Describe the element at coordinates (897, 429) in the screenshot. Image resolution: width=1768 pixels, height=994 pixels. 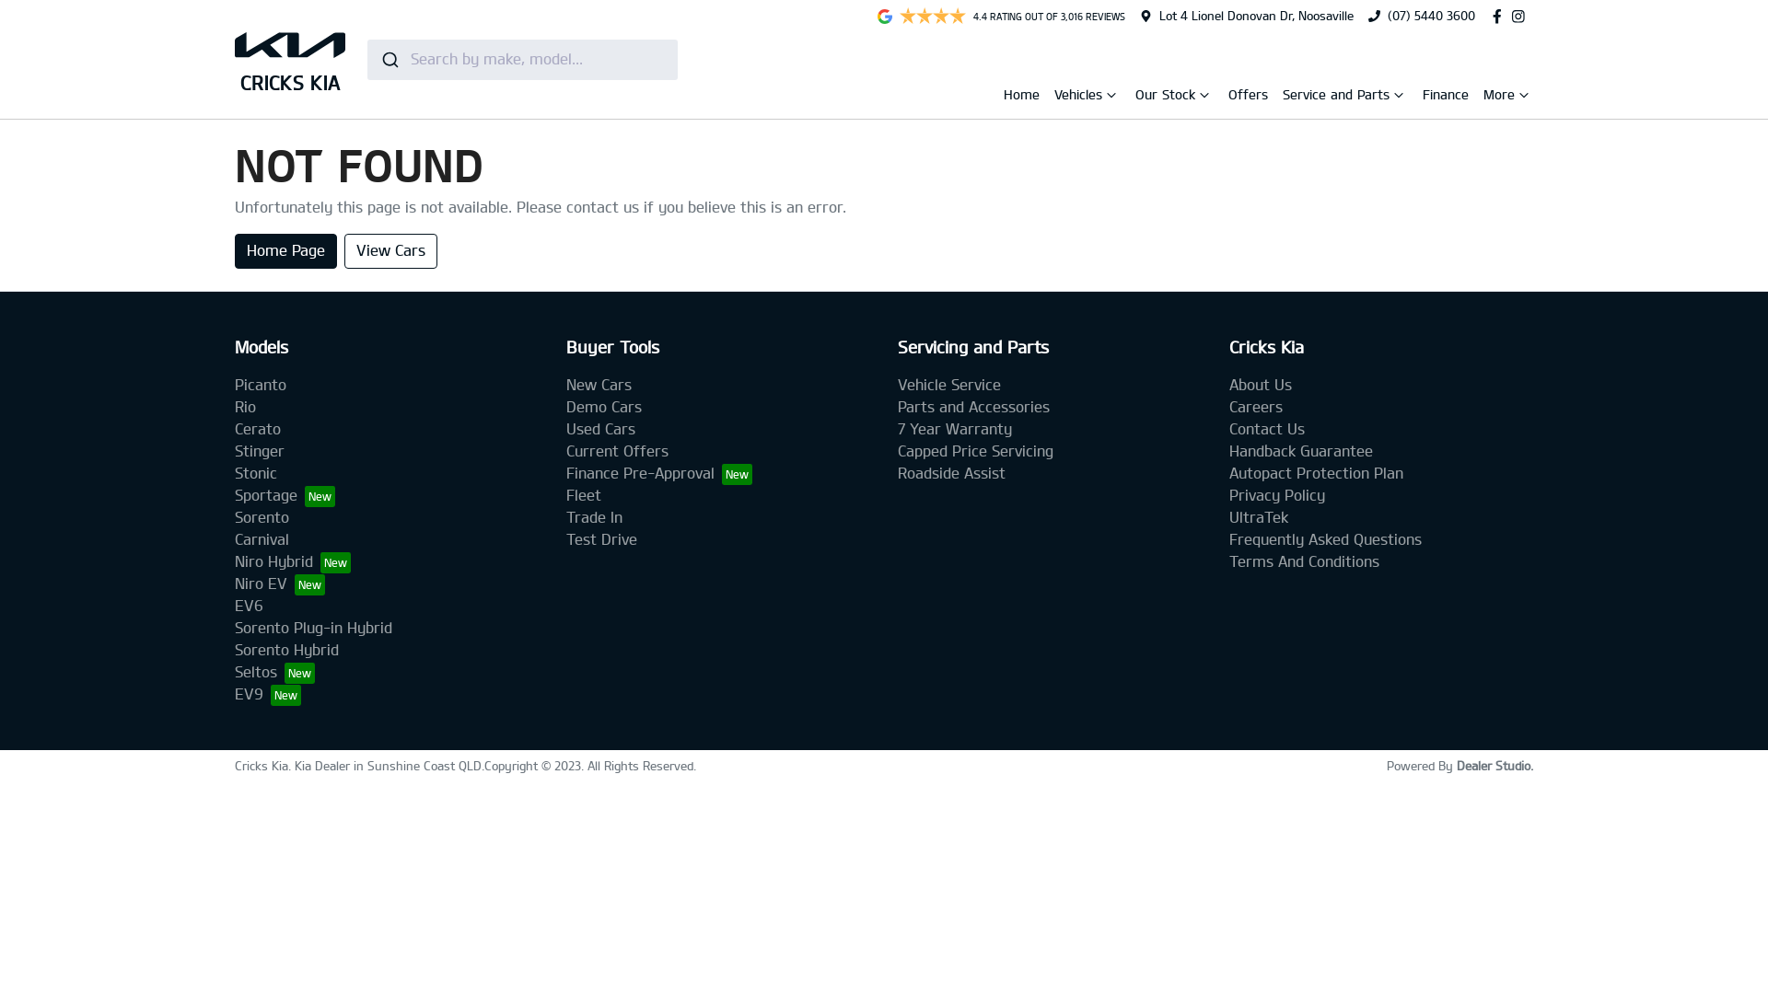
I see `'7 Year Warranty'` at that location.